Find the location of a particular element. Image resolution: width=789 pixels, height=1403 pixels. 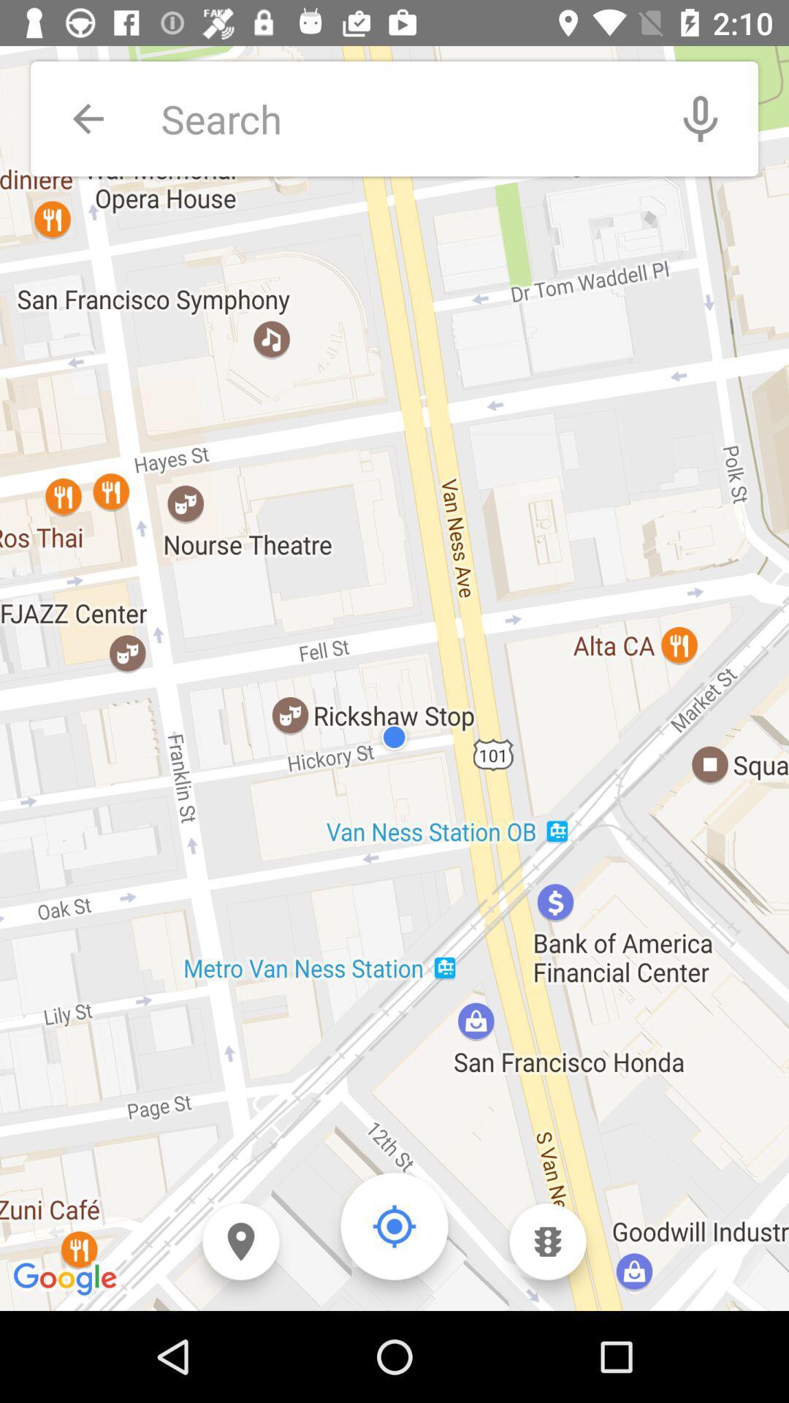

search map is located at coordinates (402, 118).